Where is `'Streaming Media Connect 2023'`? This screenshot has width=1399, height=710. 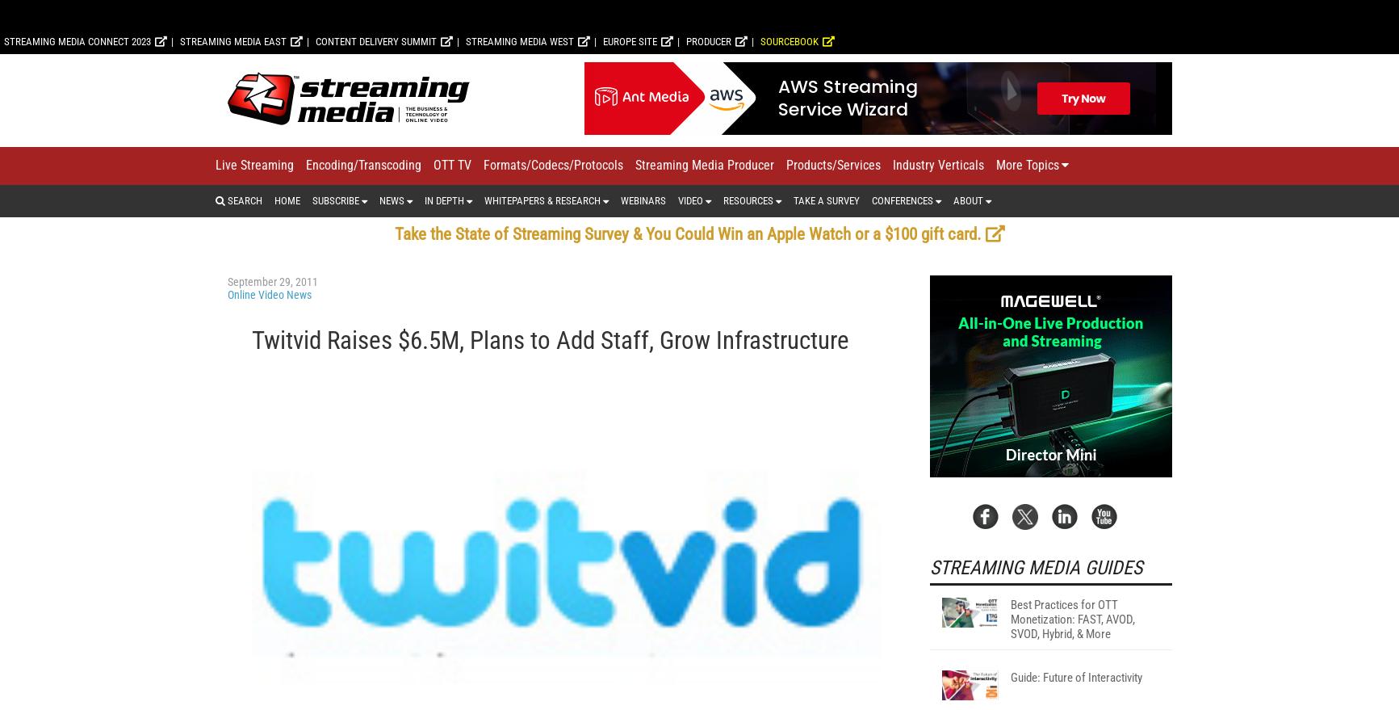 'Streaming Media Connect 2023' is located at coordinates (77, 252).